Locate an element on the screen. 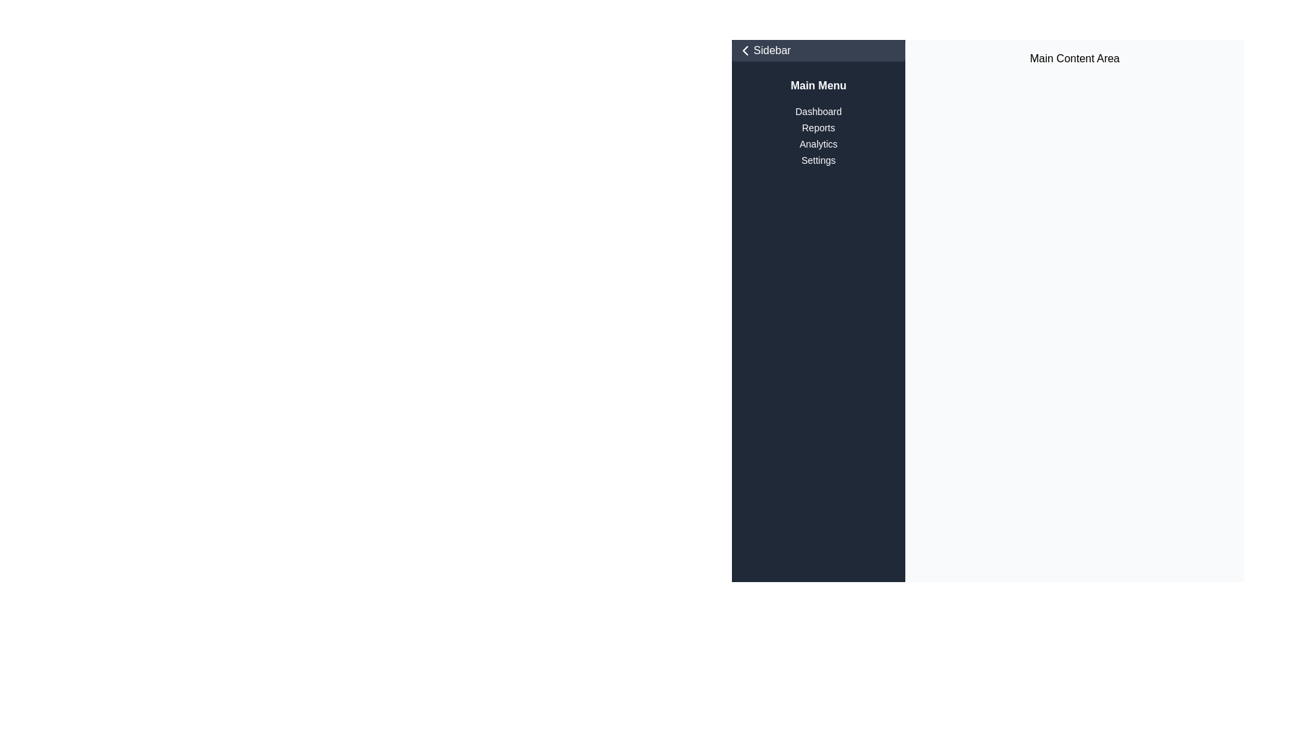  the 'Reports' text label in the vertical navigation menu located in the left sidebar is located at coordinates (818, 135).